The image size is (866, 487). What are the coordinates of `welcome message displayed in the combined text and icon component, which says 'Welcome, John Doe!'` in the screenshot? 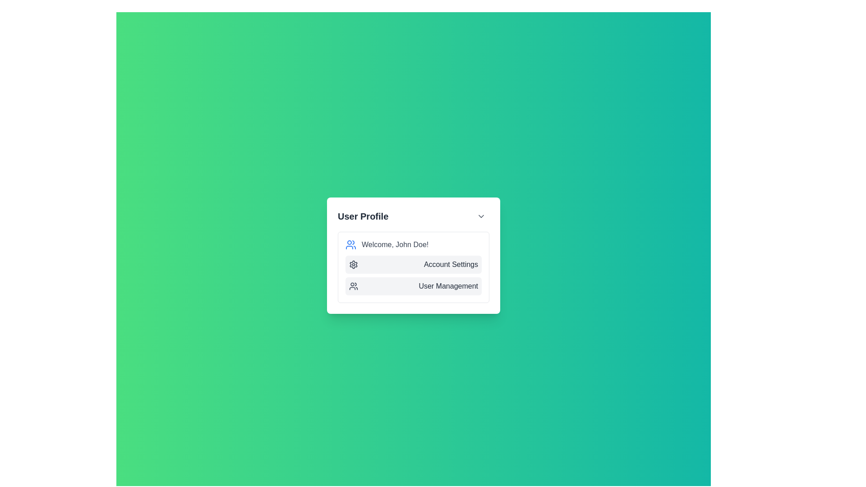 It's located at (413, 245).